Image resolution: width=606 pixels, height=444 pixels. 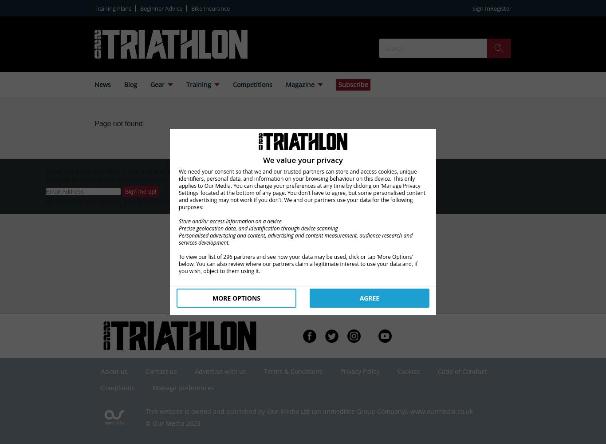 I want to click on 'Sign me up!', so click(x=140, y=191).